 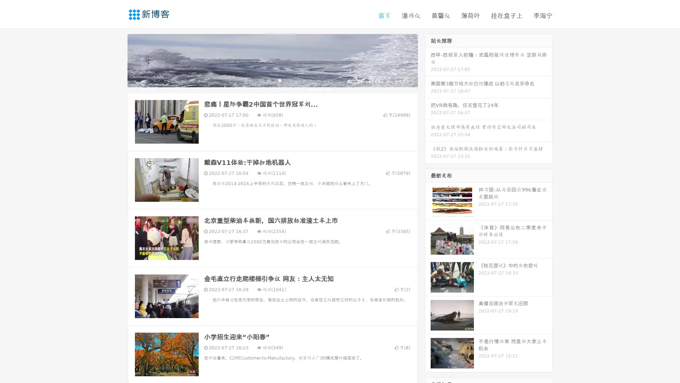 What do you see at coordinates (279, 80) in the screenshot?
I see `Go to slide 3` at bounding box center [279, 80].